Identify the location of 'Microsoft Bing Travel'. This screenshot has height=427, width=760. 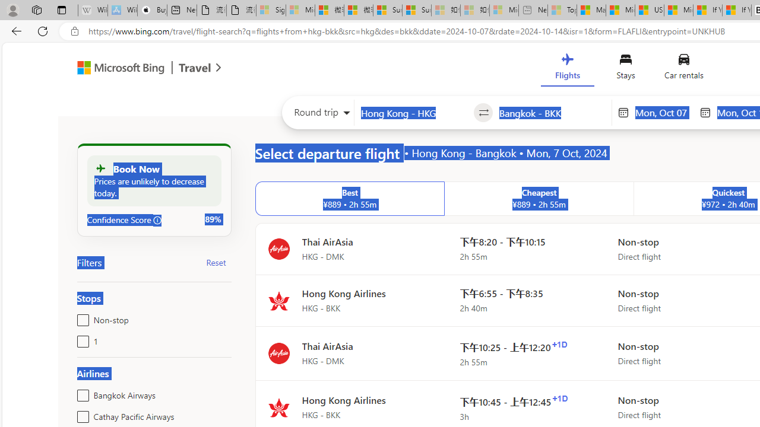
(137, 69).